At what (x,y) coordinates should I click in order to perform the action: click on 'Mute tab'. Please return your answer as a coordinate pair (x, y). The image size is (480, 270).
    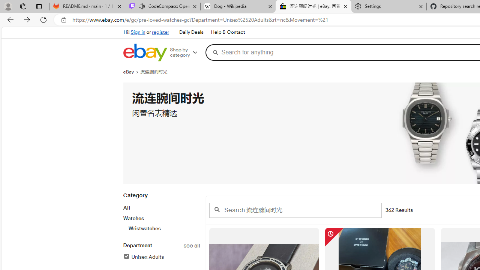
    Looking at the image, I should click on (142, 6).